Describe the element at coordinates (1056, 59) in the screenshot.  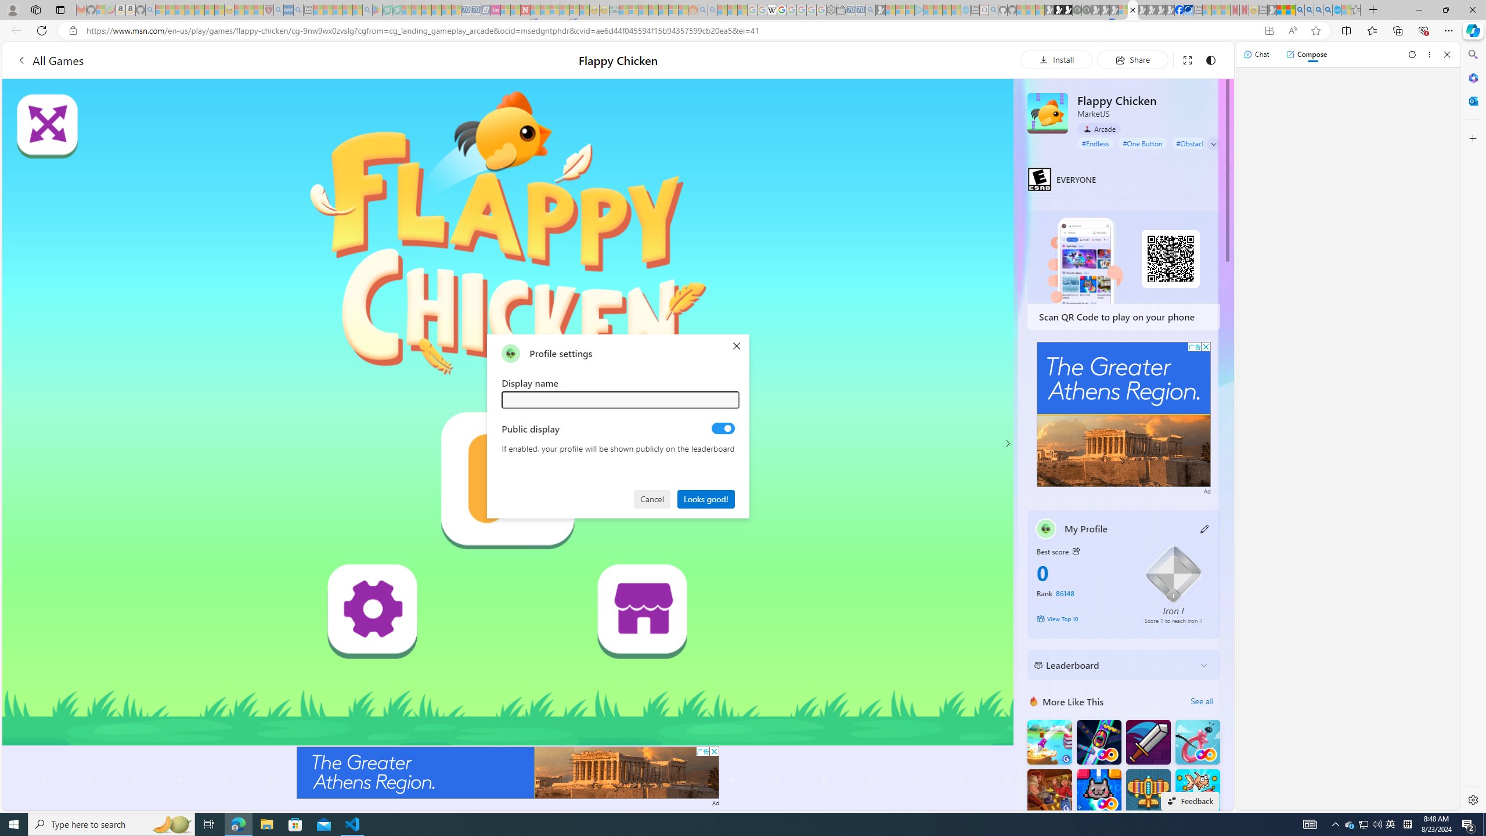
I see `'Install'` at that location.